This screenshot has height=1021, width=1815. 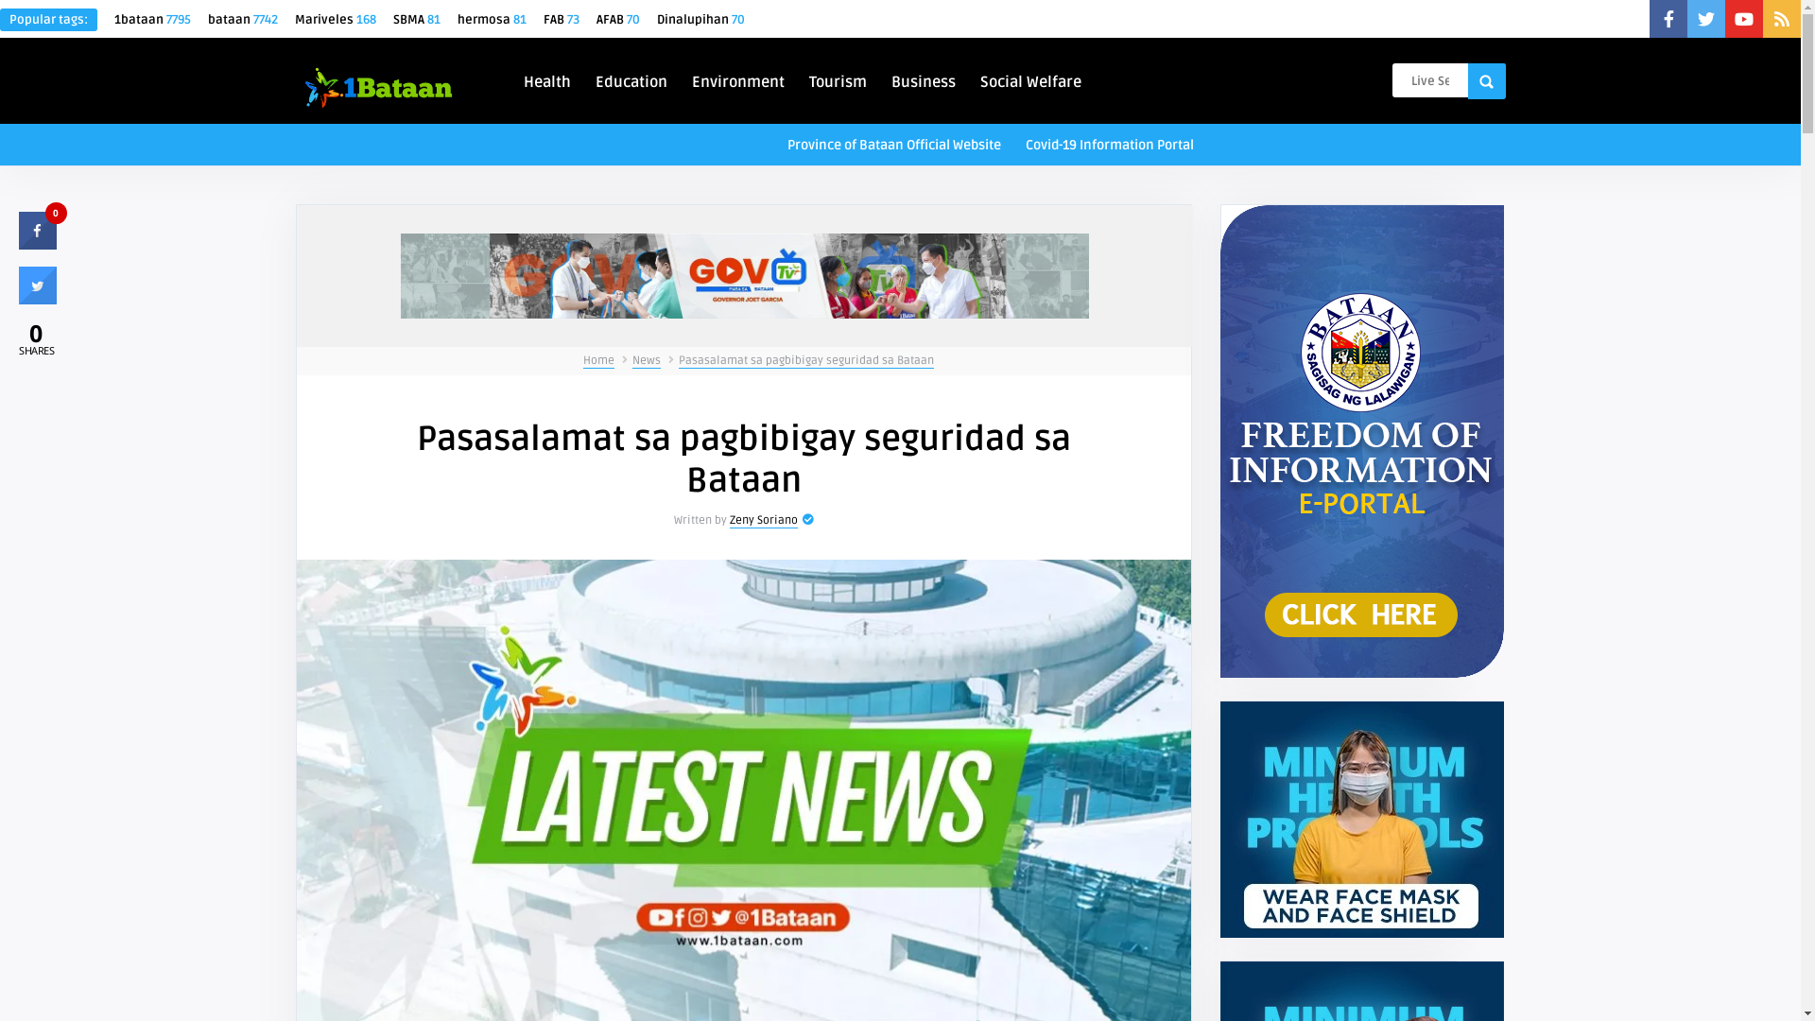 What do you see at coordinates (37, 298) in the screenshot?
I see `'Share on Twitter'` at bounding box center [37, 298].